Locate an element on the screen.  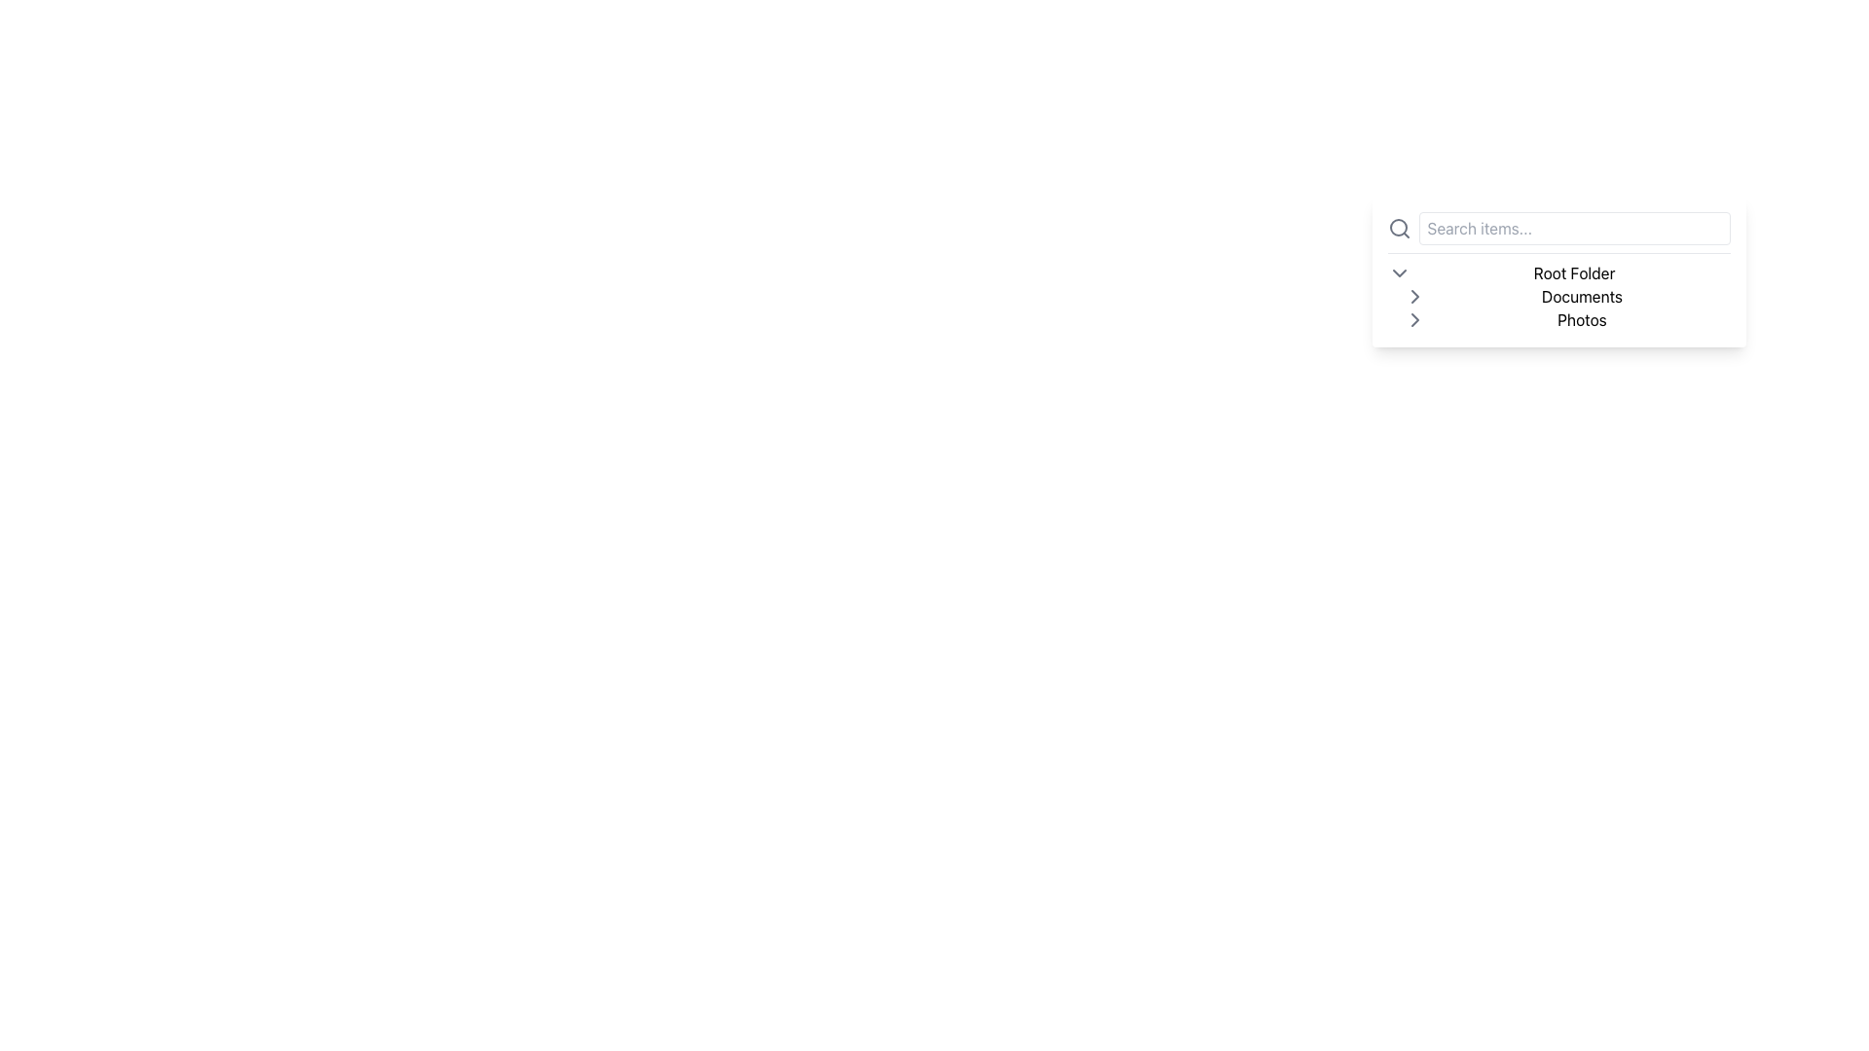
the right-facing chevron arrow icon adjacent to the 'Photos' folder label in the navigation tree is located at coordinates (1414, 296).